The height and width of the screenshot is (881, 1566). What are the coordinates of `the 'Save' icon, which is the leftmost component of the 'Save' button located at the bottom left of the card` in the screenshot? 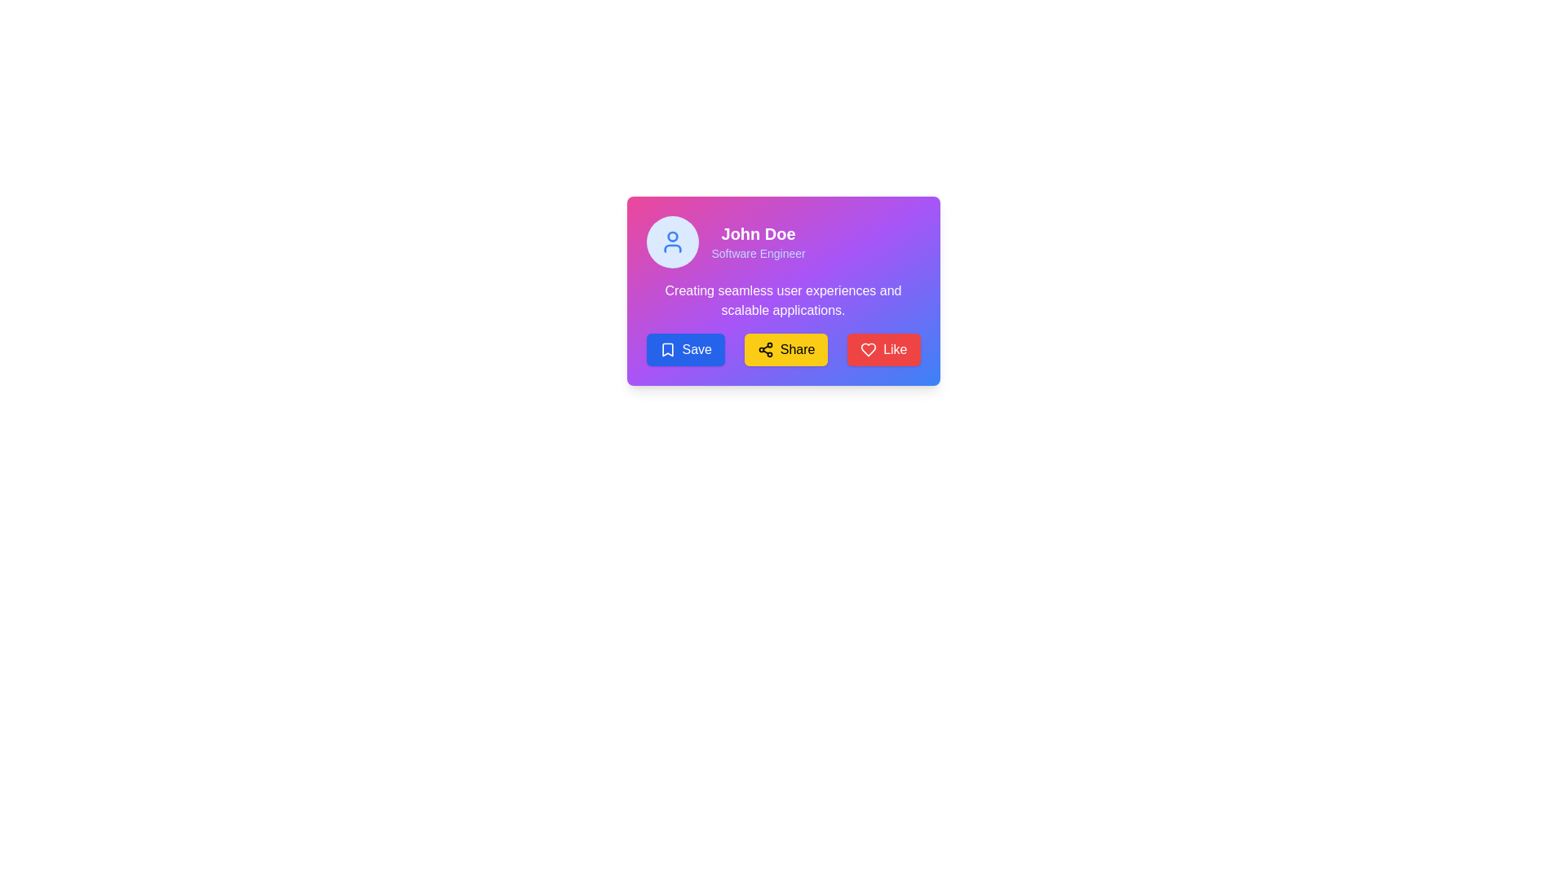 It's located at (667, 348).